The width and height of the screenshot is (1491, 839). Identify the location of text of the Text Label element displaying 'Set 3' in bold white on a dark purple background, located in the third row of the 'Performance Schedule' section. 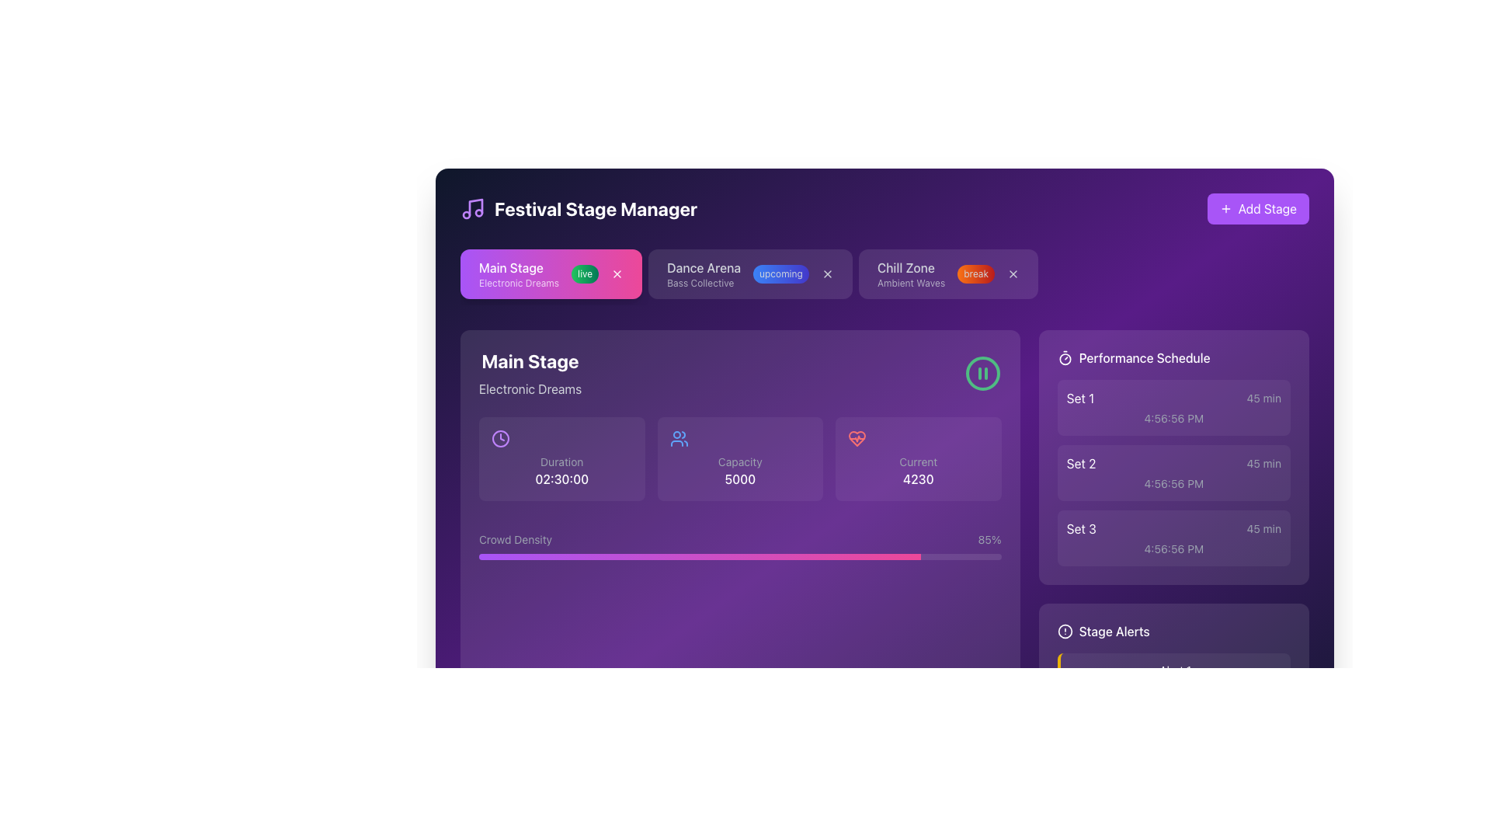
(1080, 528).